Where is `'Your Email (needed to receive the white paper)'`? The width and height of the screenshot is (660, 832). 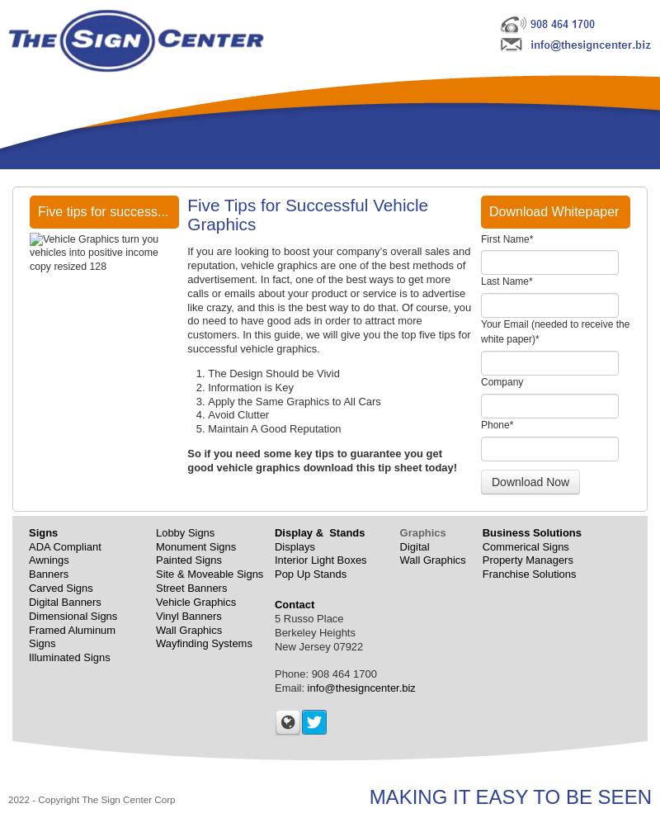
'Your Email (needed to receive the white paper)' is located at coordinates (555, 331).